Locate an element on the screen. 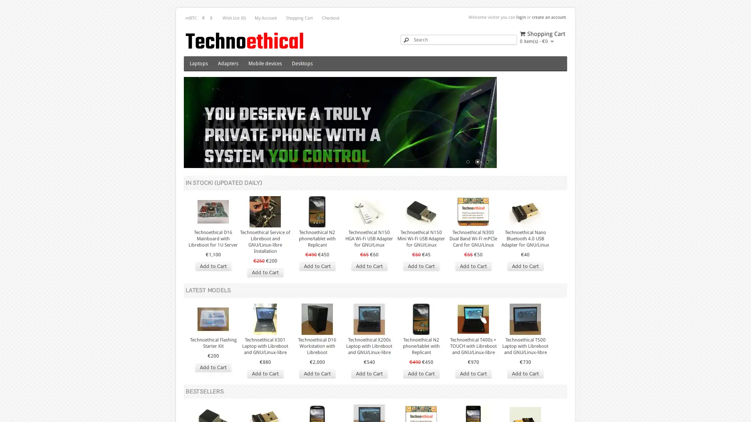 This screenshot has height=422, width=751. Add to Cart is located at coordinates (213, 292).